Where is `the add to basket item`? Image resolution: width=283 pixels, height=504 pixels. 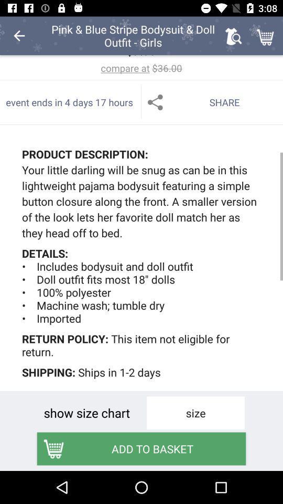 the add to basket item is located at coordinates (141, 448).